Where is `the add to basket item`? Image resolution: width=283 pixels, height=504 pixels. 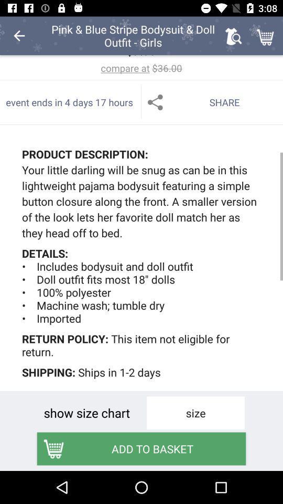 the add to basket item is located at coordinates (141, 448).